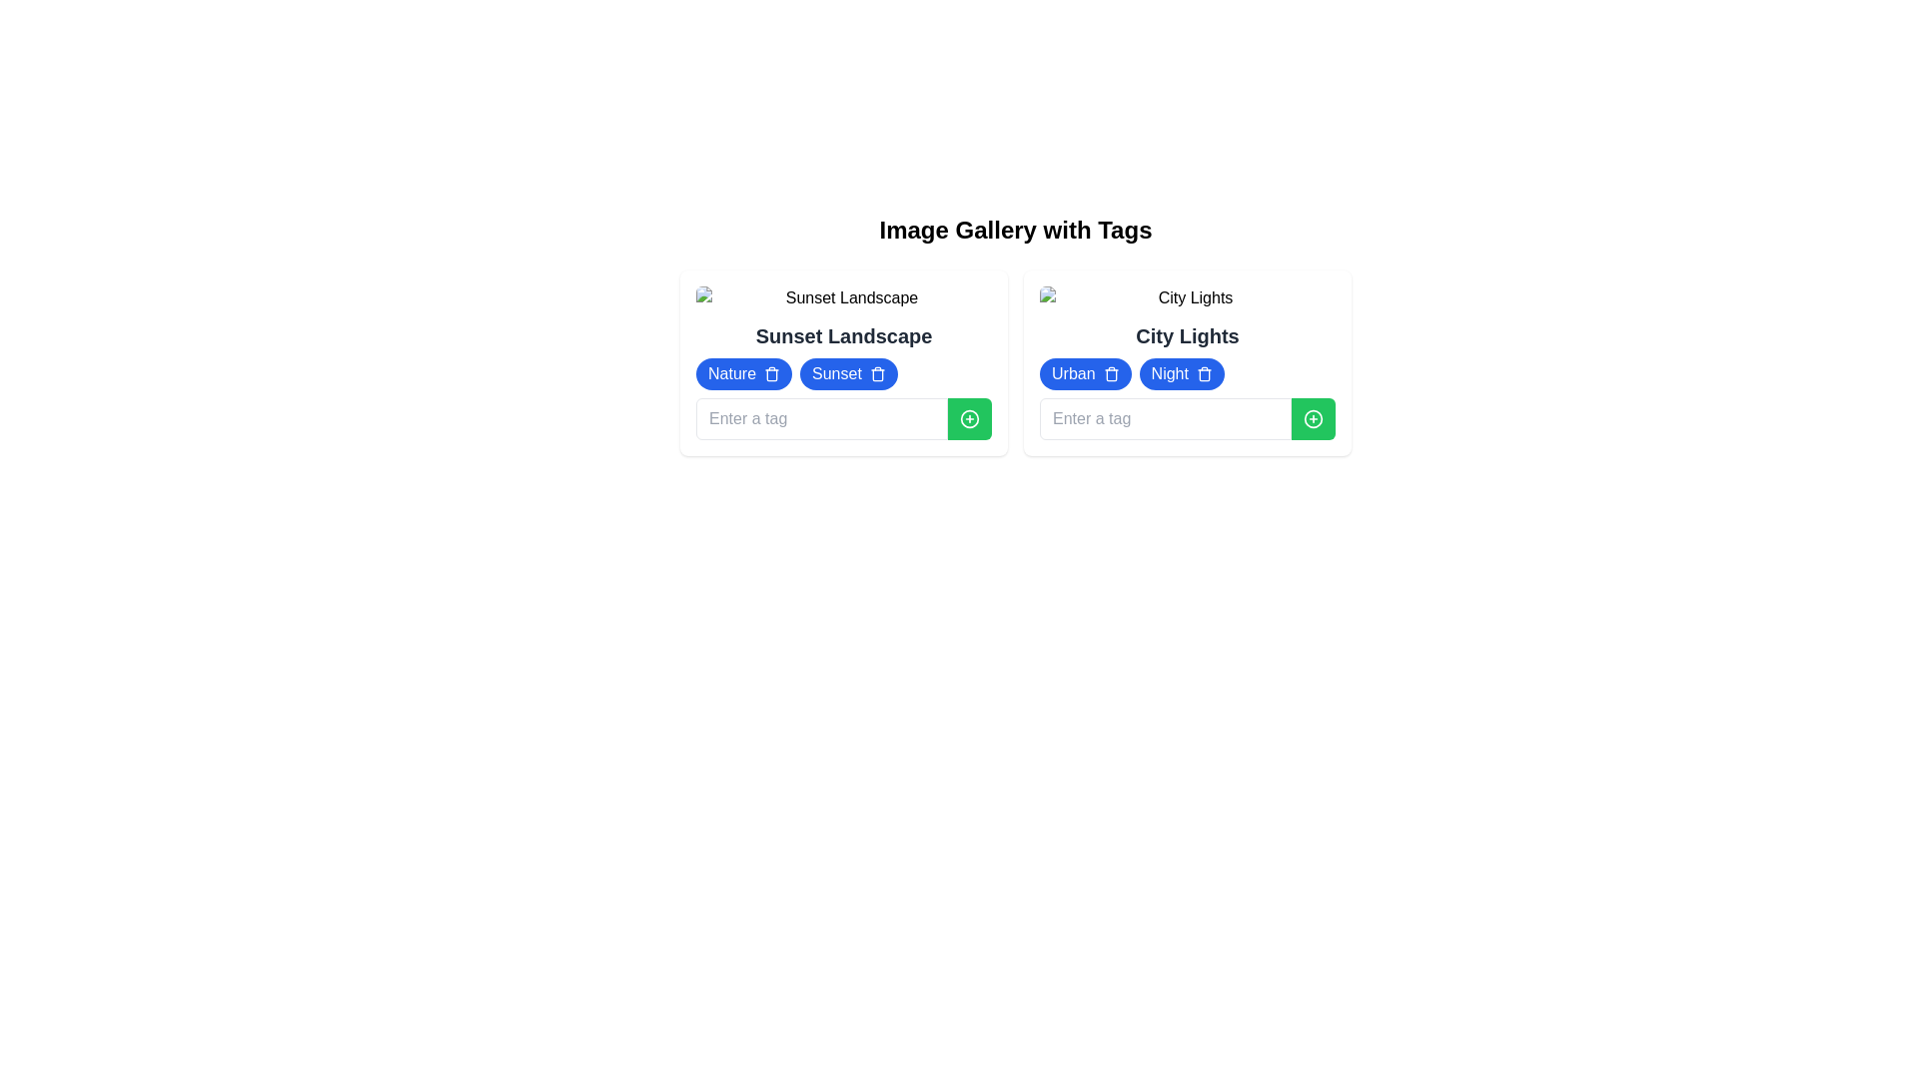  I want to click on the trash can icon of the blue badge labeled 'Urban', so click(1084, 373).